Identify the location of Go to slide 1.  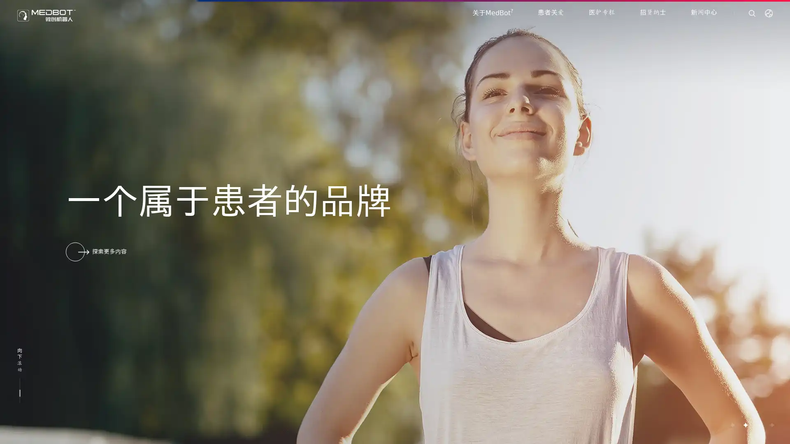
(732, 425).